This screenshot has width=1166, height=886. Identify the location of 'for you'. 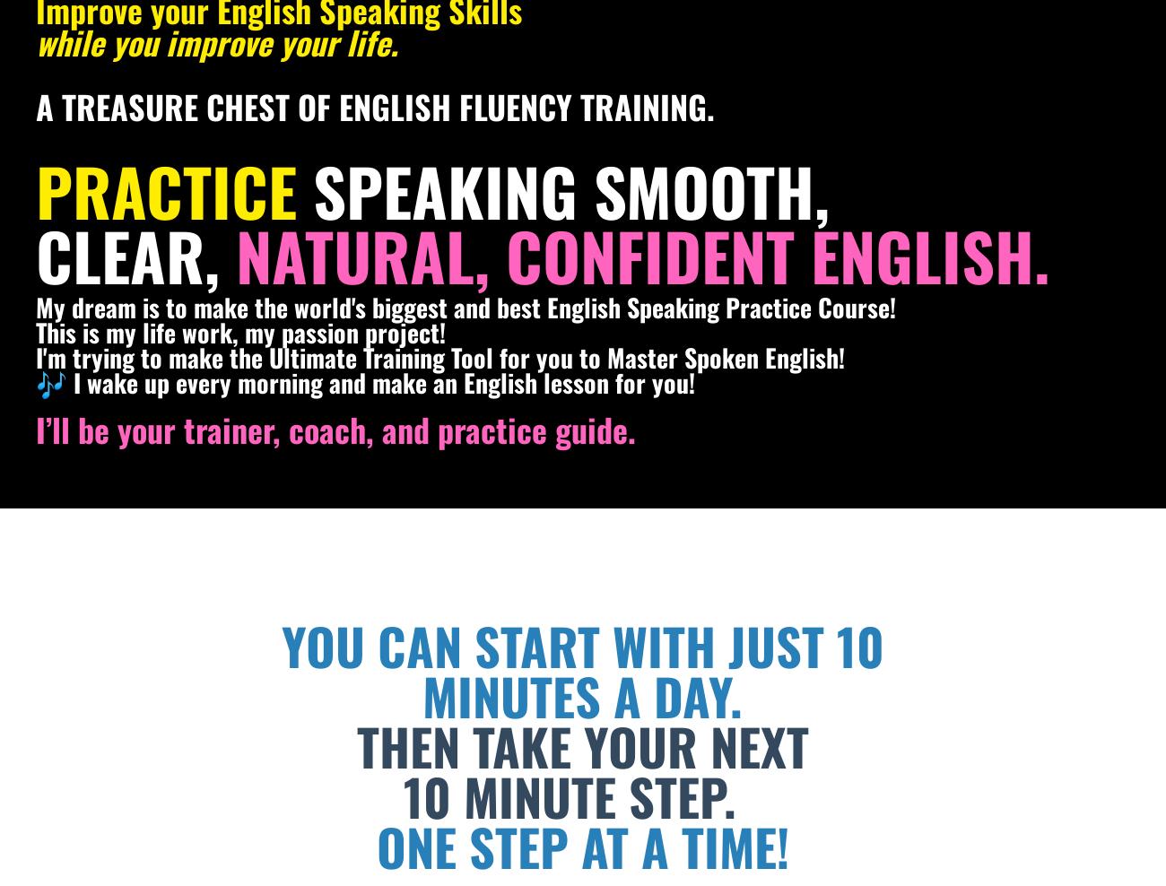
(536, 356).